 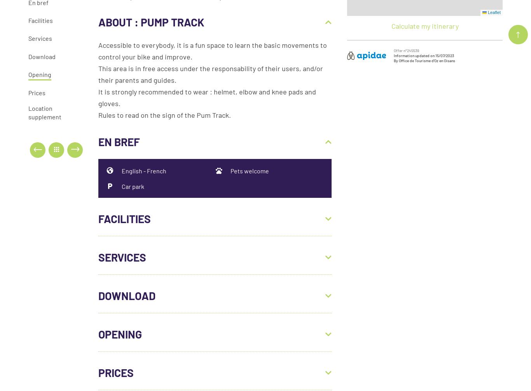 I want to click on 'English - French', so click(x=121, y=170).